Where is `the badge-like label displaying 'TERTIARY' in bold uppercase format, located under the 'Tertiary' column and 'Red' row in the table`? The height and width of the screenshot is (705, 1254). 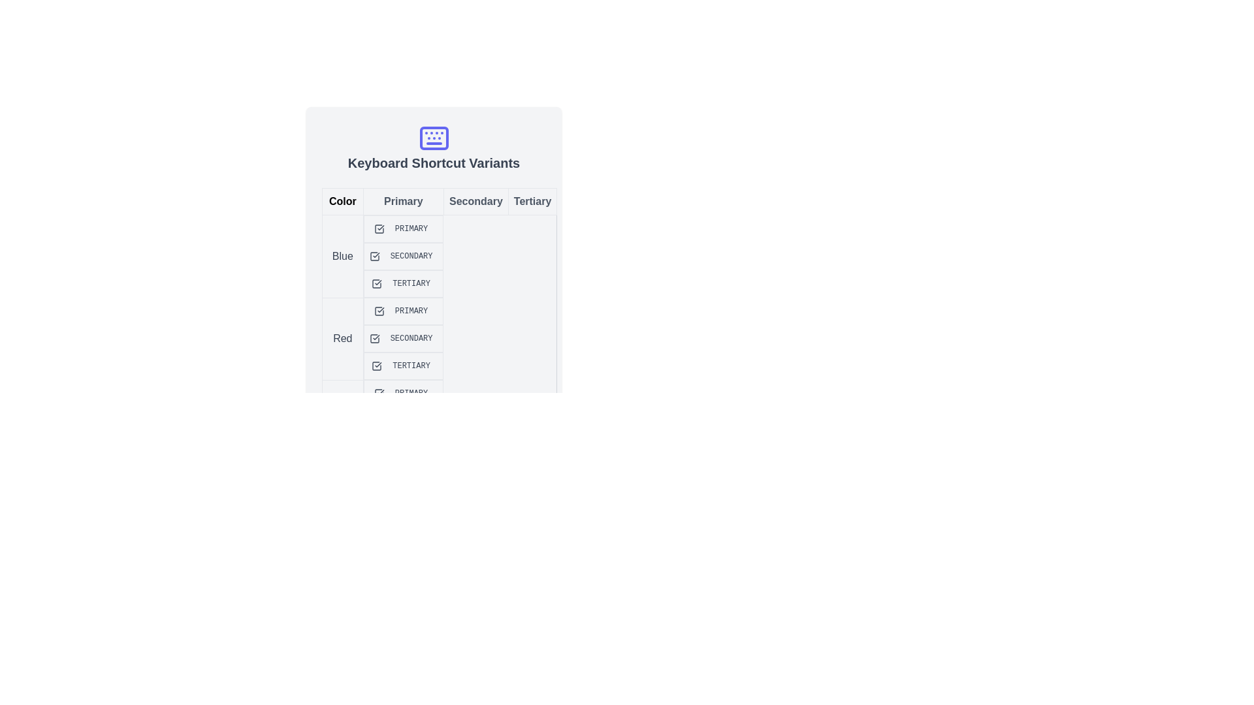
the badge-like label displaying 'TERTIARY' in bold uppercase format, located under the 'Tertiary' column and 'Red' row in the table is located at coordinates (411, 366).